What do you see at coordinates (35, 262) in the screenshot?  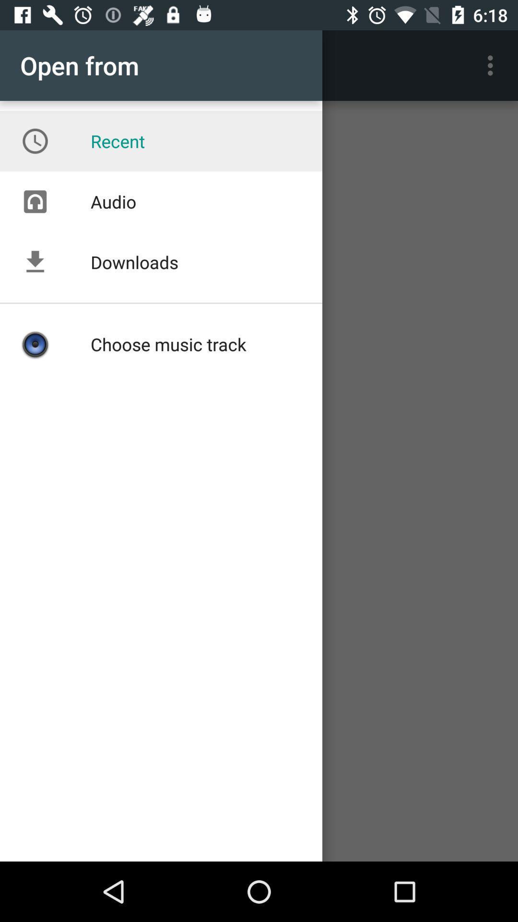 I see `the symbol which is left hand side of the text download` at bounding box center [35, 262].